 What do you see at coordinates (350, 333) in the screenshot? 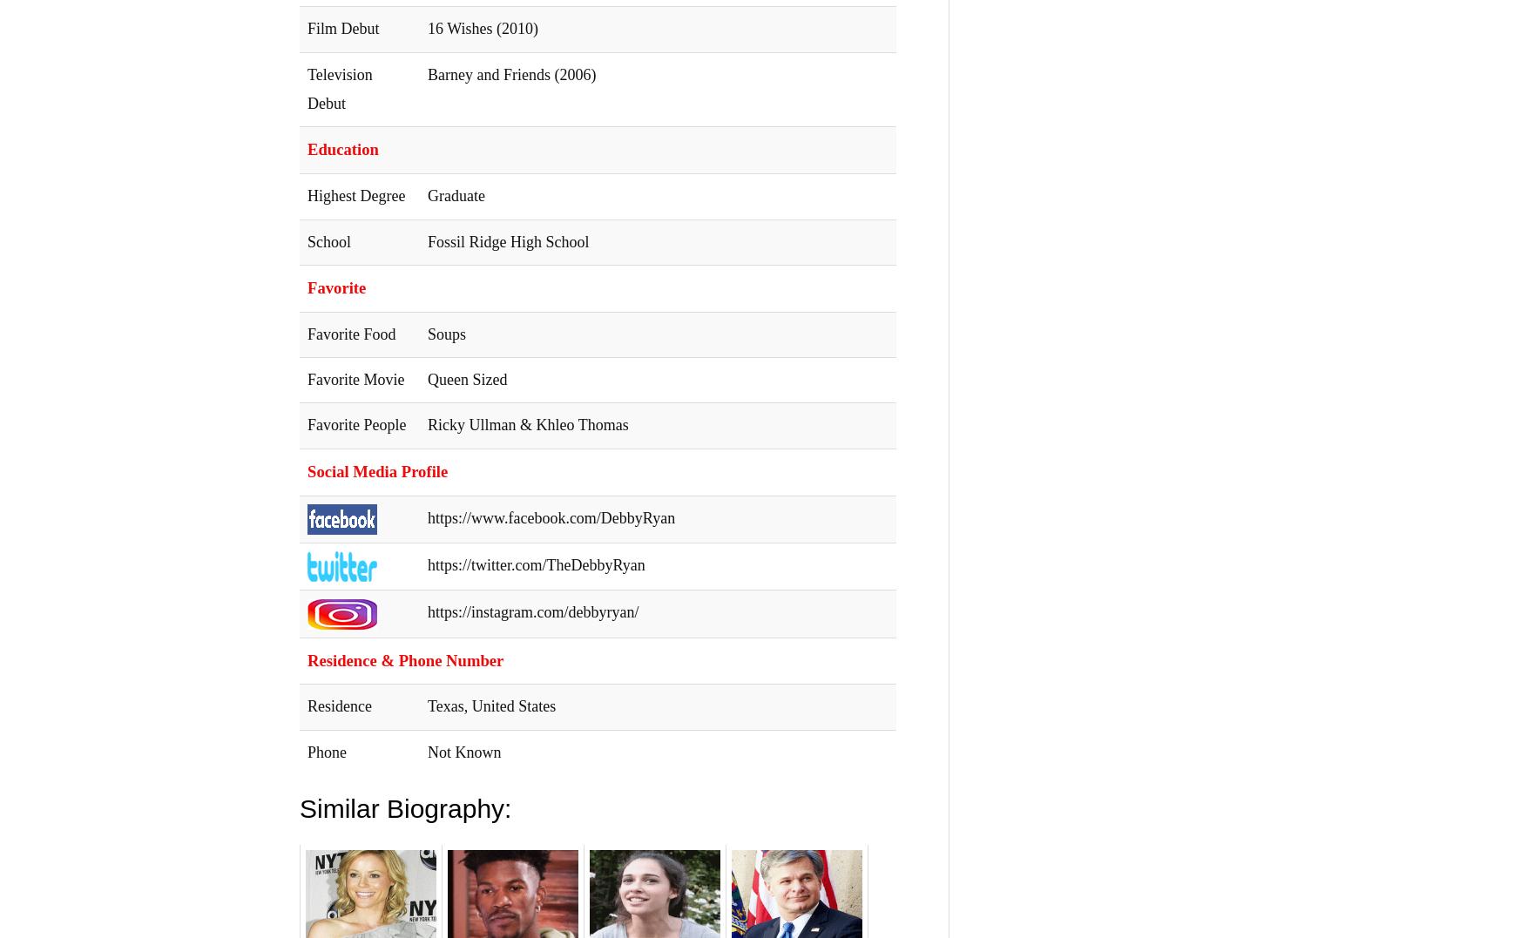
I see `'Favorite Food'` at bounding box center [350, 333].